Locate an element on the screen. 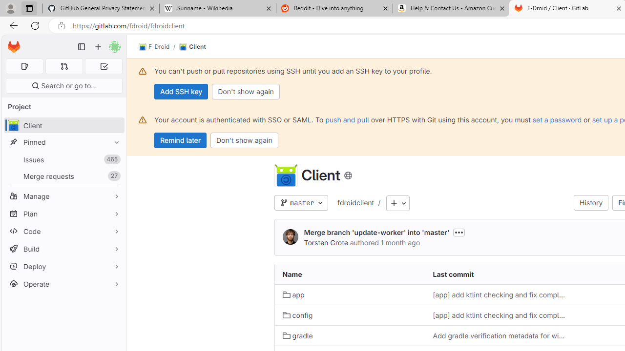  'Add SSH key' is located at coordinates (181, 91).